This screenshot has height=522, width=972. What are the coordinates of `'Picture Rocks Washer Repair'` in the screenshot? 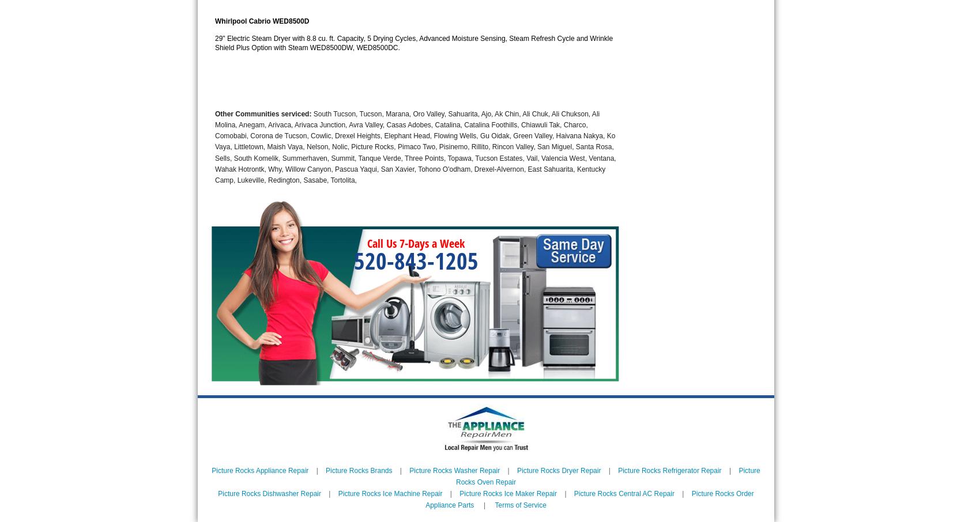 It's located at (409, 470).